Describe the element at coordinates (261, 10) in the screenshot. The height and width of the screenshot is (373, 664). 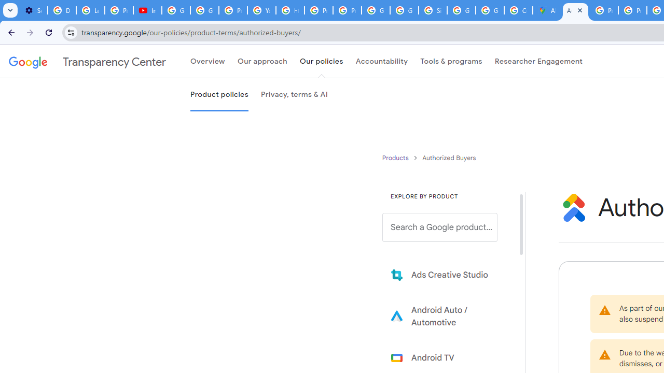
I see `'YouTube'` at that location.